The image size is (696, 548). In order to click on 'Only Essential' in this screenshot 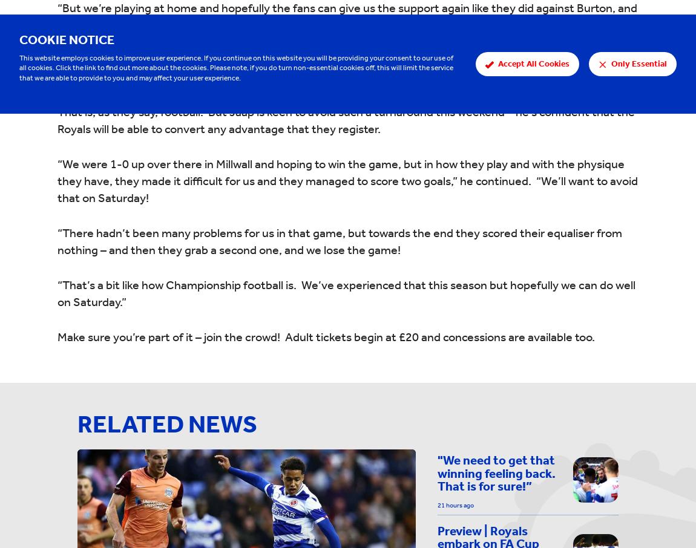, I will do `click(639, 62)`.